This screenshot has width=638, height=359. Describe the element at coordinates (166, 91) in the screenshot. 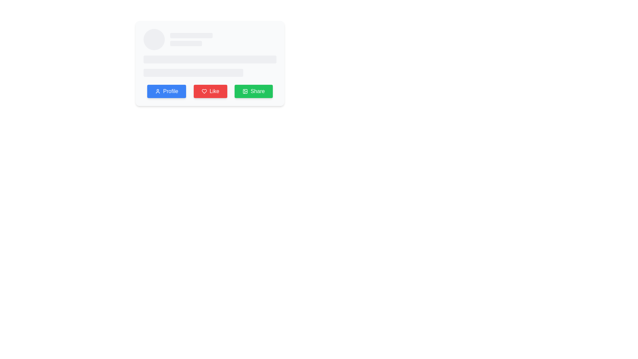

I see `the user profile button, which is the first button in a row of three, positioned to the left of the 'Like' and 'Share' buttons` at that location.